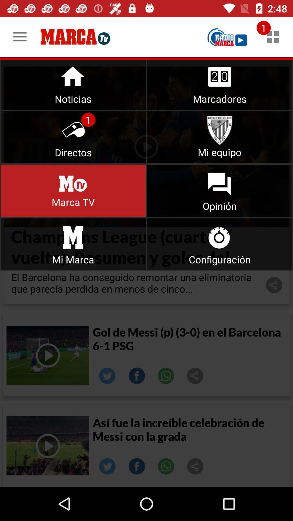 This screenshot has height=521, width=293. I want to click on directory, so click(73, 137).